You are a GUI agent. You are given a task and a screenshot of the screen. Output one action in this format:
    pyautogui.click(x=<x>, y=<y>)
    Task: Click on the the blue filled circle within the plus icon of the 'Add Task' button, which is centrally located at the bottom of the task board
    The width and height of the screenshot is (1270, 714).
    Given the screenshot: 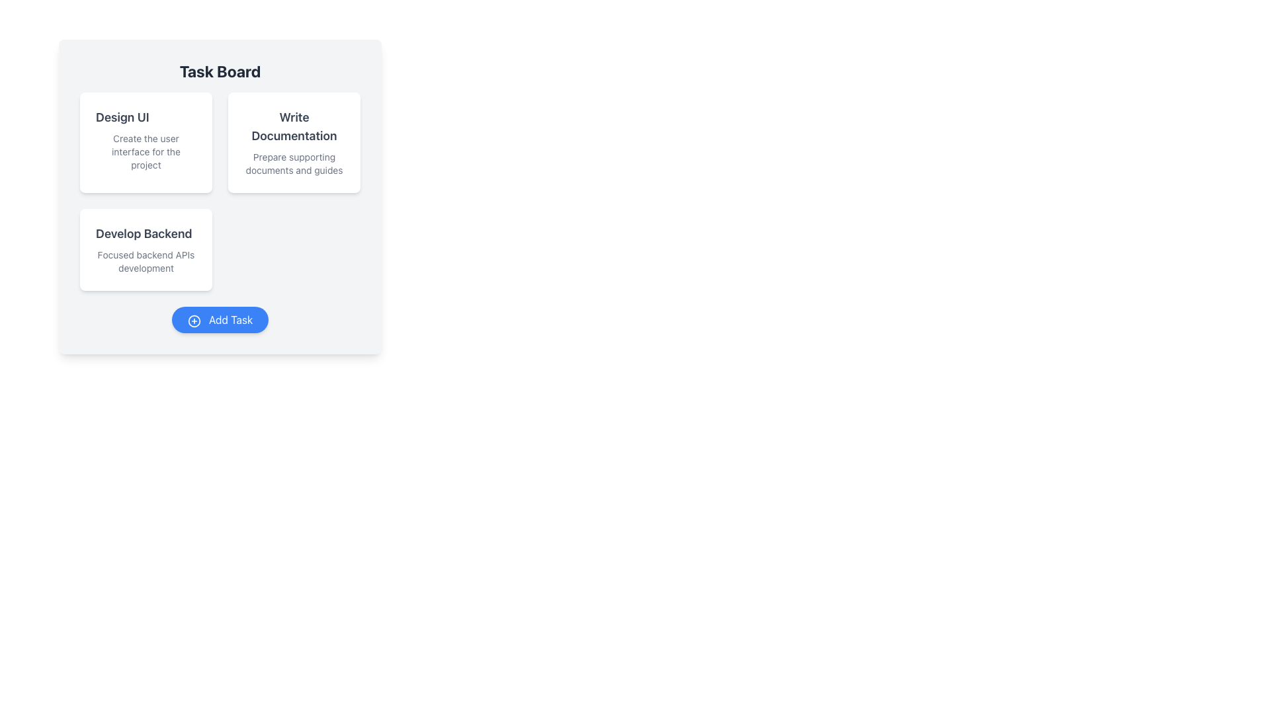 What is the action you would take?
    pyautogui.click(x=193, y=321)
    